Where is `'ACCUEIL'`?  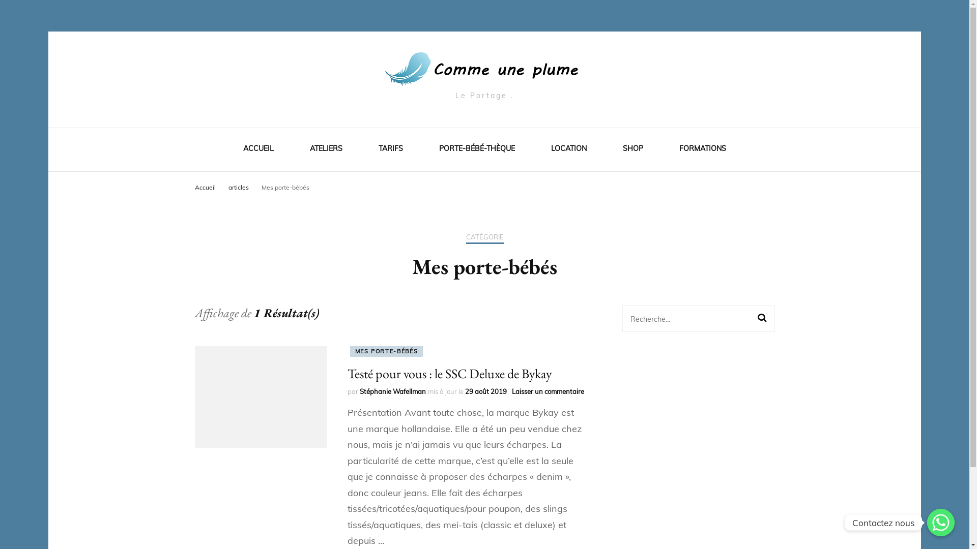 'ACCUEIL' is located at coordinates (258, 150).